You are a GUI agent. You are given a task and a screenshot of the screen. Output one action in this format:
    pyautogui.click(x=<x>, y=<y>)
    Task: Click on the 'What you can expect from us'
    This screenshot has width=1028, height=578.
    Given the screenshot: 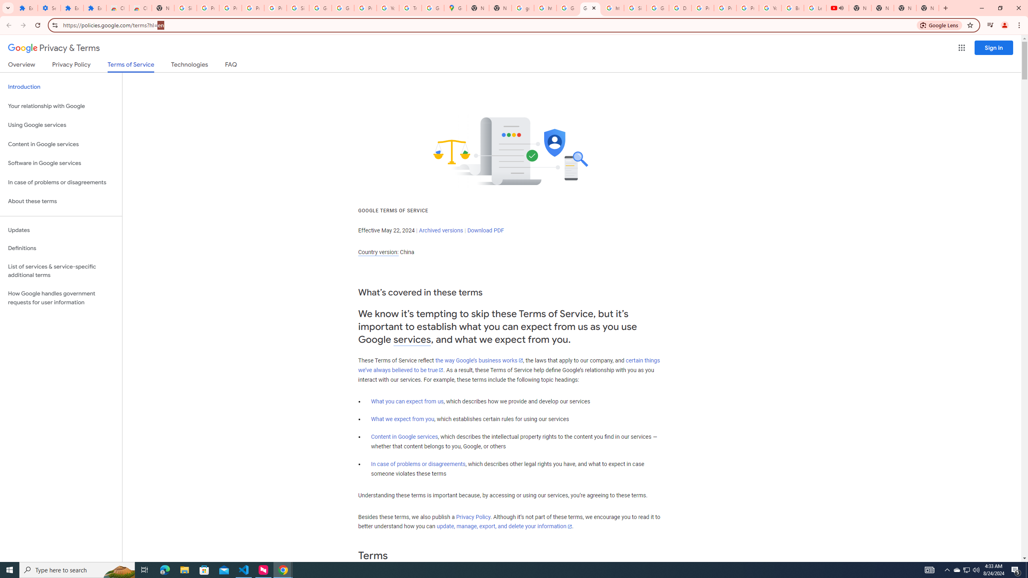 What is the action you would take?
    pyautogui.click(x=408, y=401)
    